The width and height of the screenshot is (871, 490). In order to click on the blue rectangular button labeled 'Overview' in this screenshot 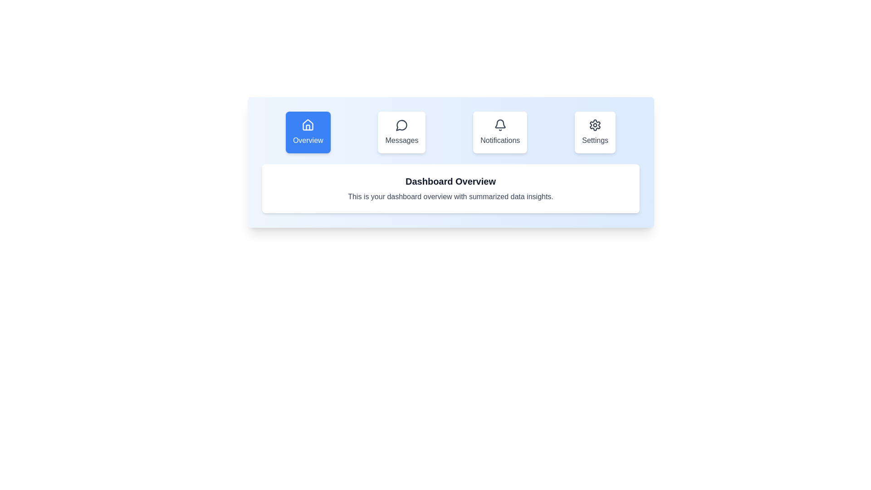, I will do `click(308, 132)`.